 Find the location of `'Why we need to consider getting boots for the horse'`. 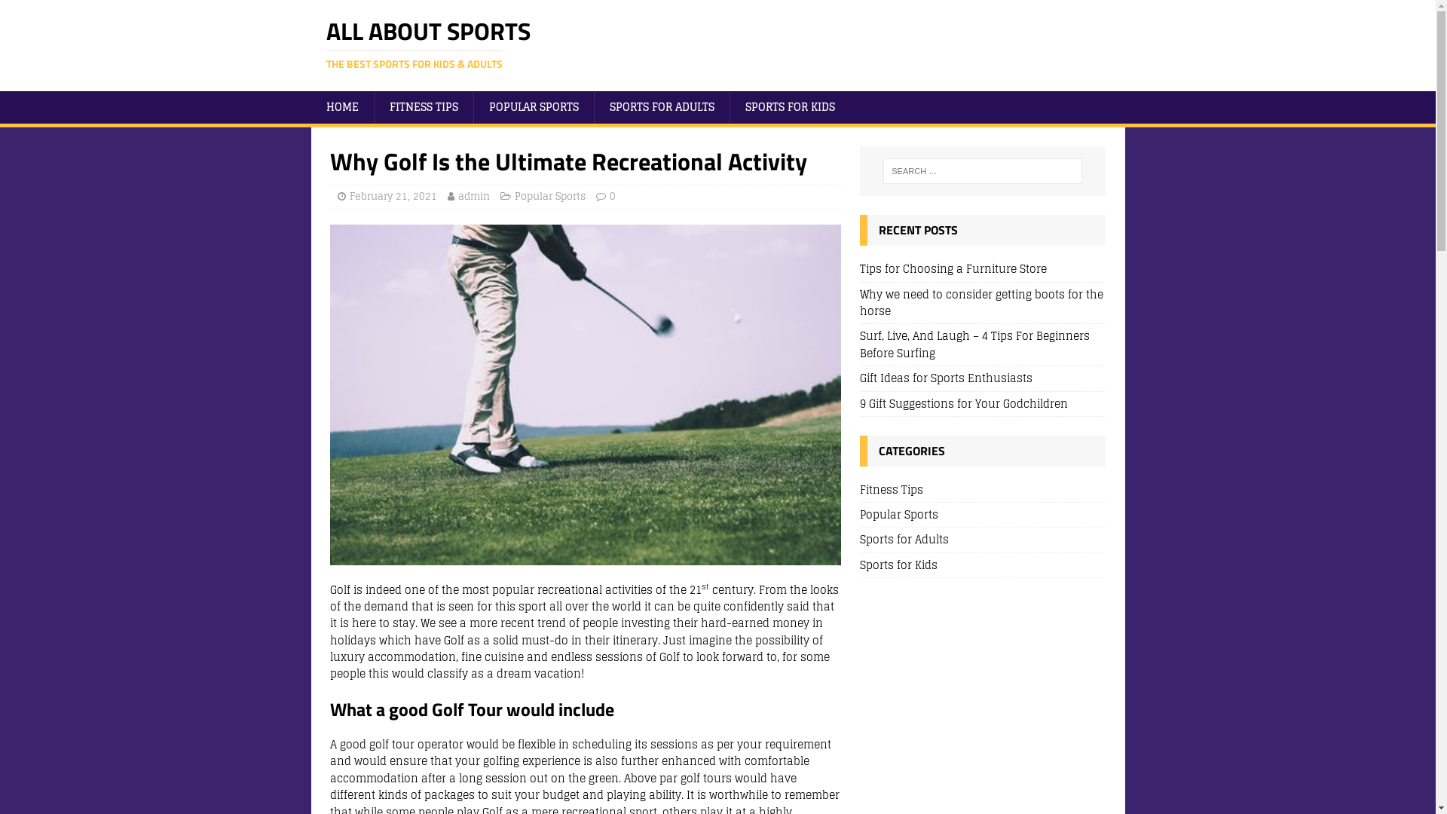

'Why we need to consider getting boots for the horse' is located at coordinates (981, 302).